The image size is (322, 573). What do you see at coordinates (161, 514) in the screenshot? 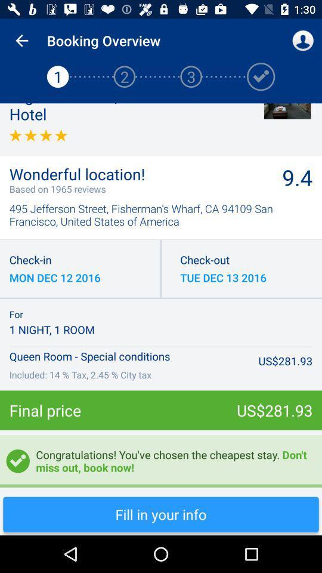
I see `the fill in your icon` at bounding box center [161, 514].